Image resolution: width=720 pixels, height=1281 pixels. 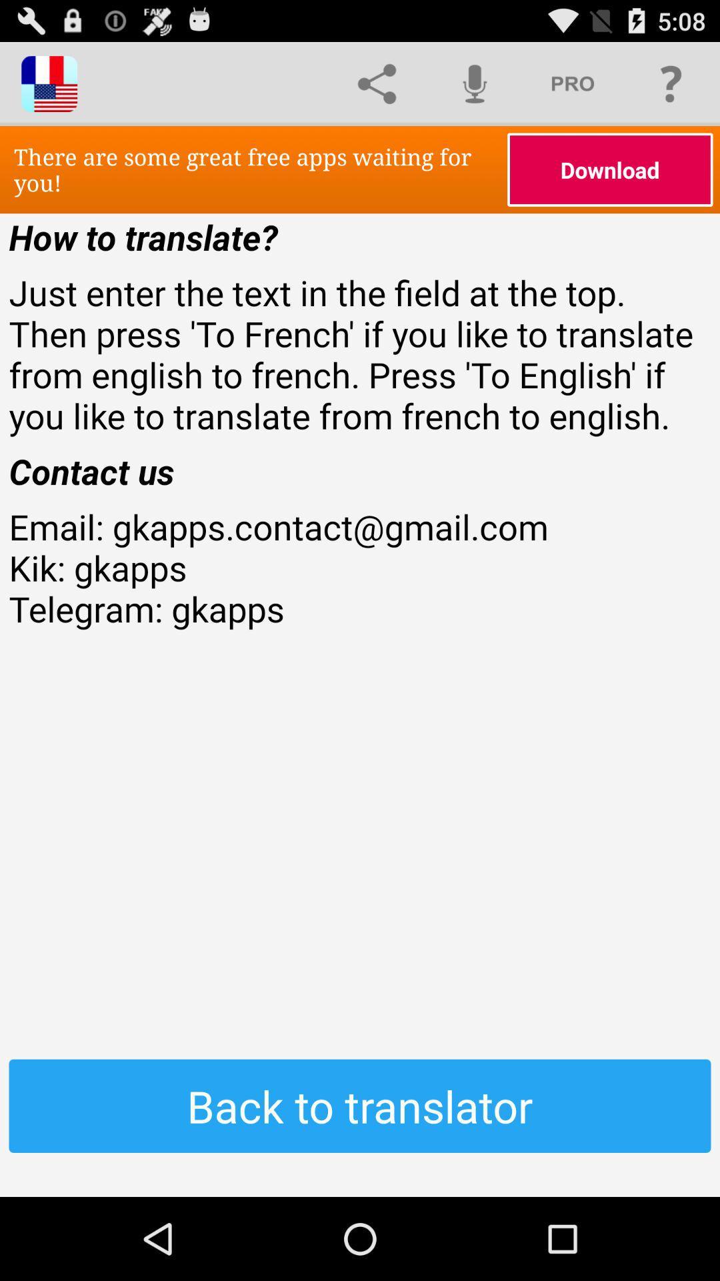 What do you see at coordinates (610, 169) in the screenshot?
I see `the download icon` at bounding box center [610, 169].